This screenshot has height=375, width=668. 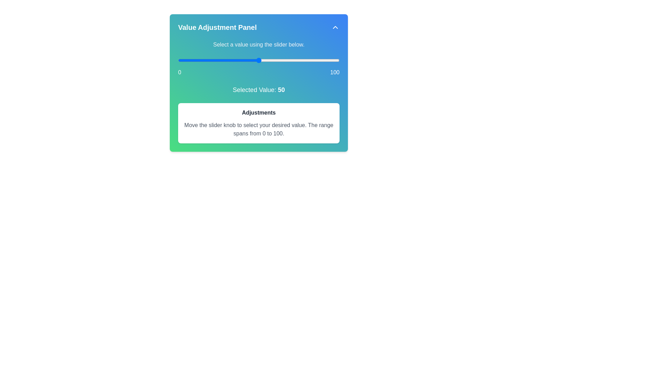 What do you see at coordinates (180, 72) in the screenshot?
I see `the static text component displaying '0' in white, located at the far-left end of the range values section under the slider component` at bounding box center [180, 72].